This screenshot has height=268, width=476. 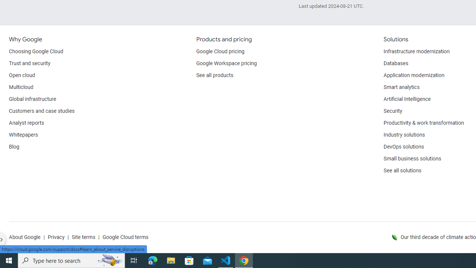 I want to click on 'See all solutions', so click(x=402, y=170).